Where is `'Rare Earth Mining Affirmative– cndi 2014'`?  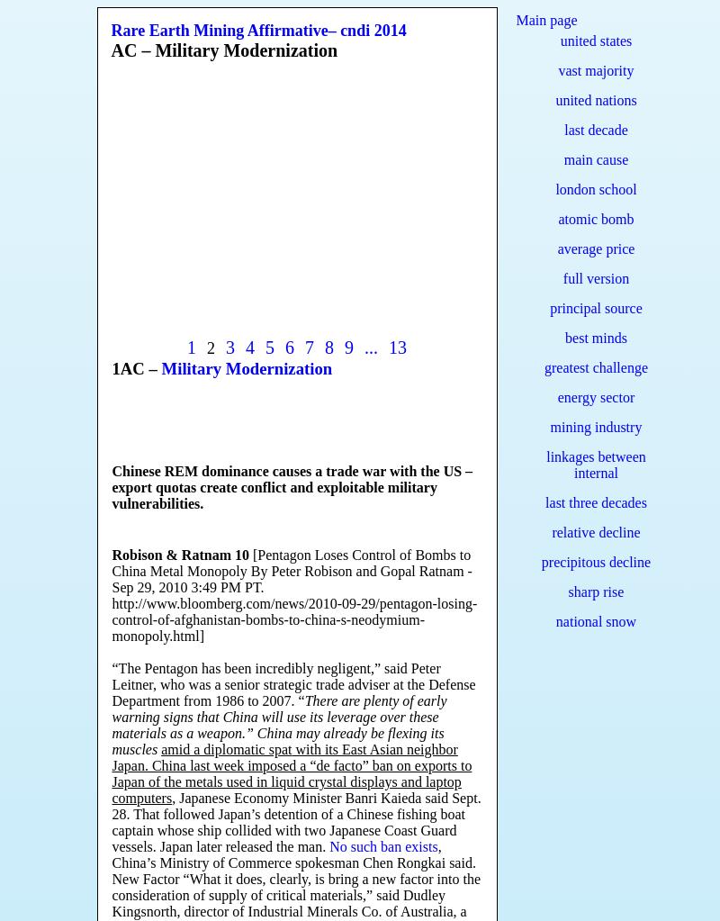 'Rare Earth Mining Affirmative– cndi 2014' is located at coordinates (258, 30).